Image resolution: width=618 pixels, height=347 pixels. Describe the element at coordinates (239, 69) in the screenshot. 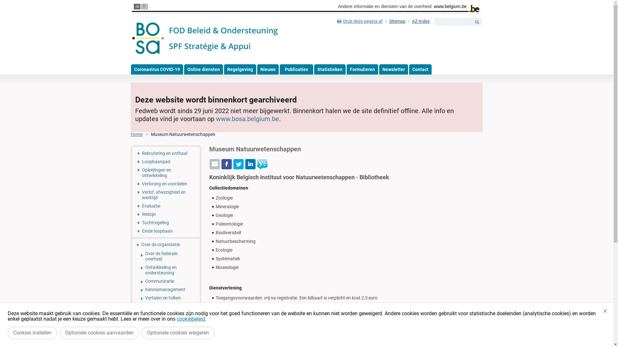

I see `'Regelgeving'` at that location.